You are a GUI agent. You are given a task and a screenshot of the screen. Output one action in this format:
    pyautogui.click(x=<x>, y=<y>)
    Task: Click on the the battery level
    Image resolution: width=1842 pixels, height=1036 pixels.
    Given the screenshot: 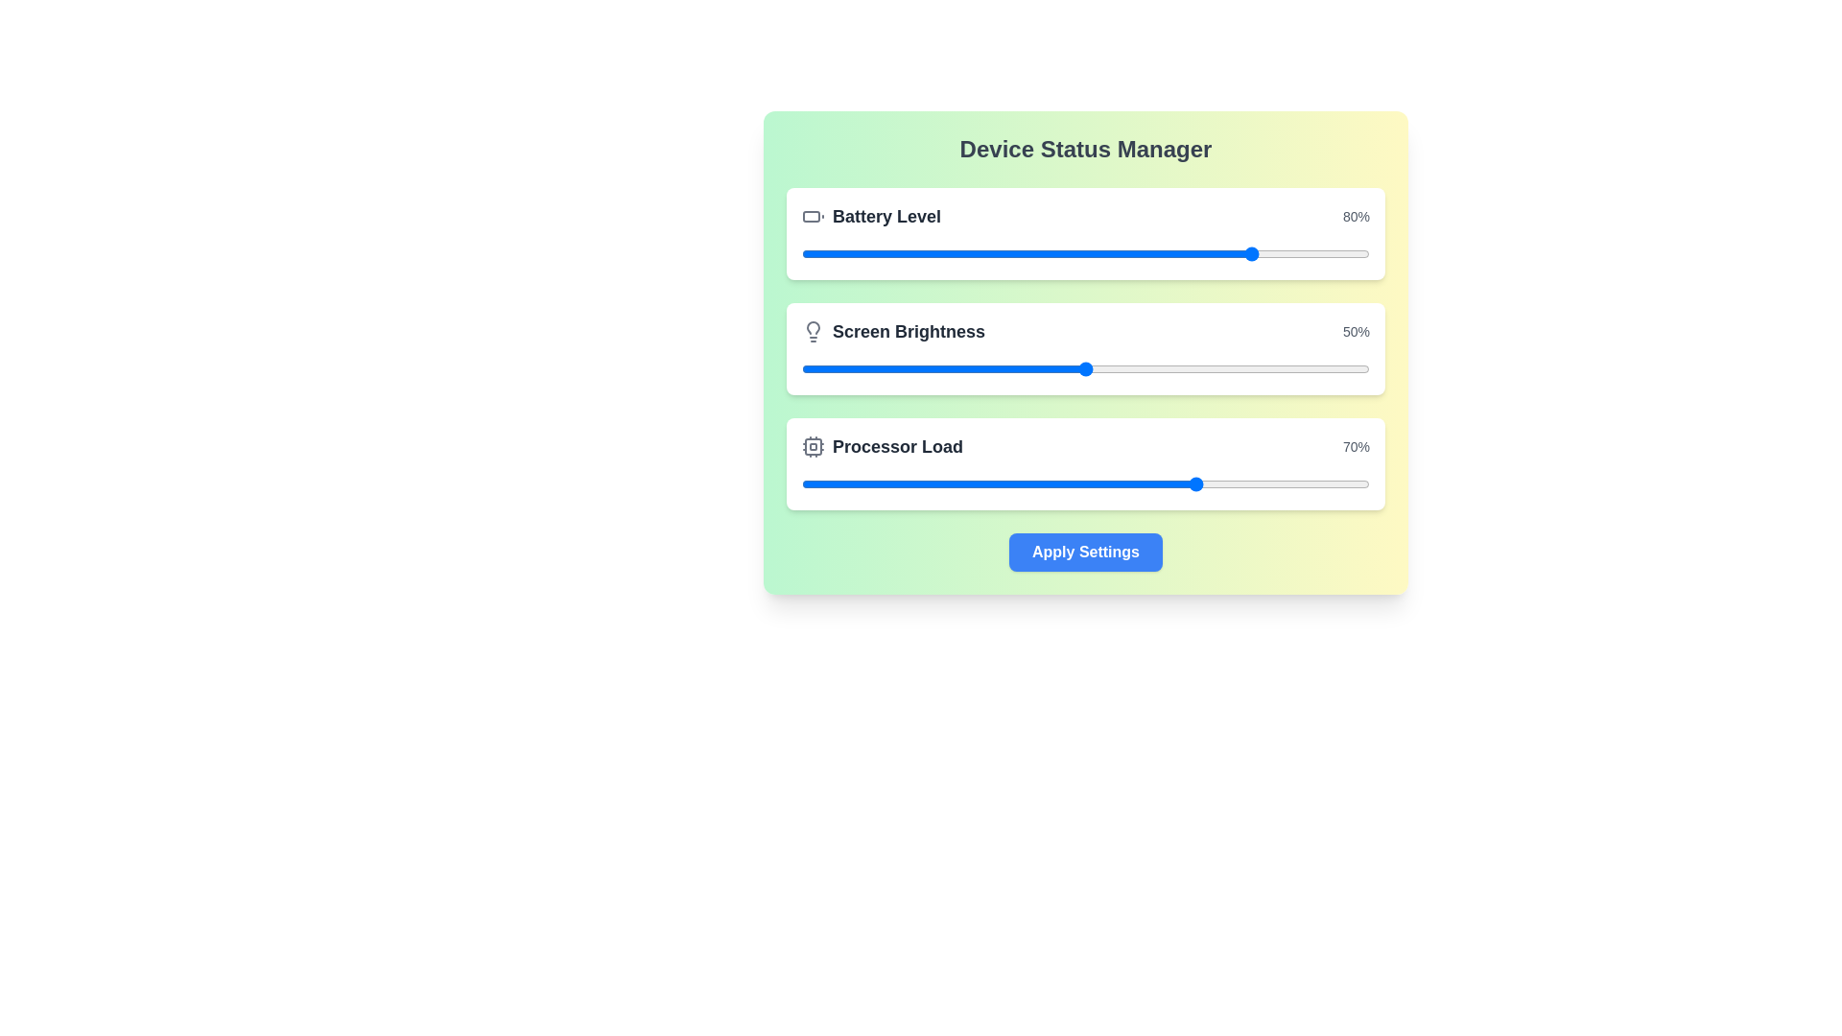 What is the action you would take?
    pyautogui.click(x=1027, y=253)
    